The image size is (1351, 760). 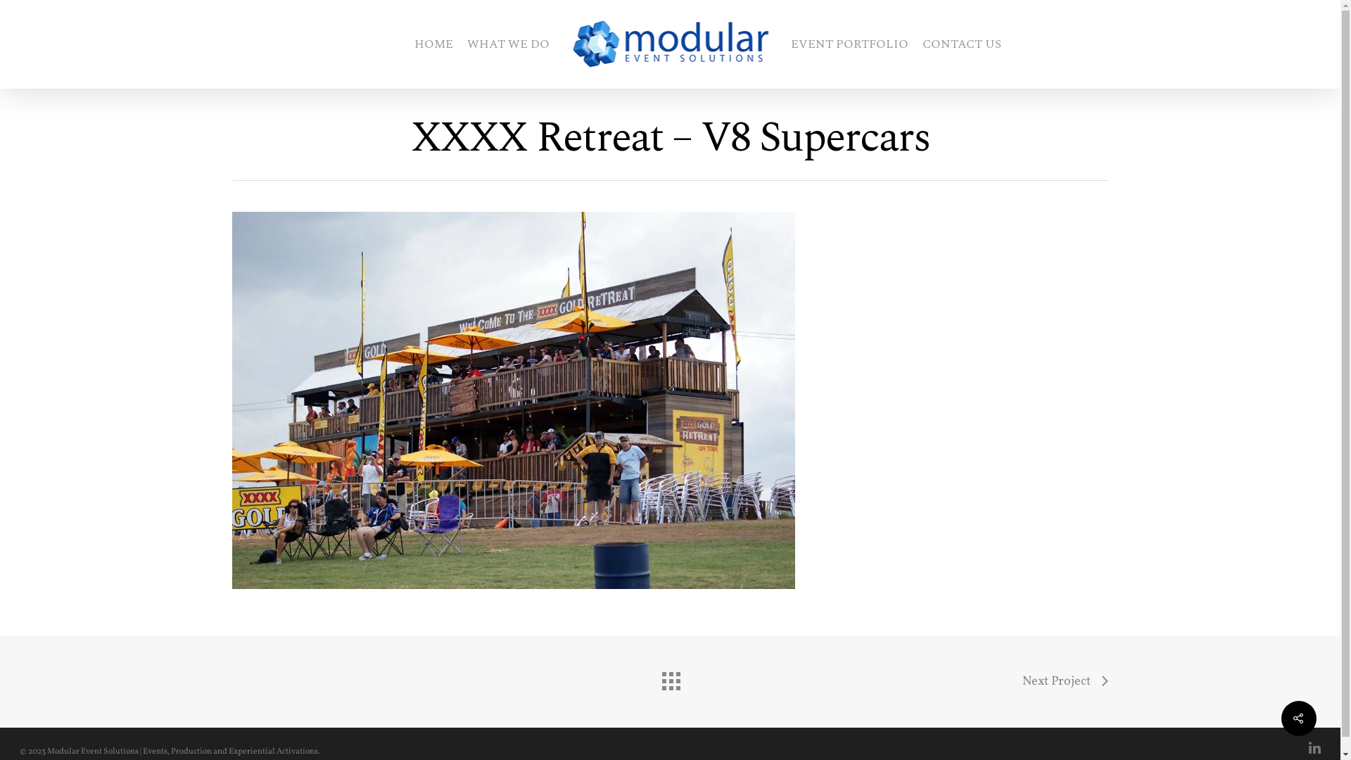 What do you see at coordinates (432, 43) in the screenshot?
I see `'HOME'` at bounding box center [432, 43].